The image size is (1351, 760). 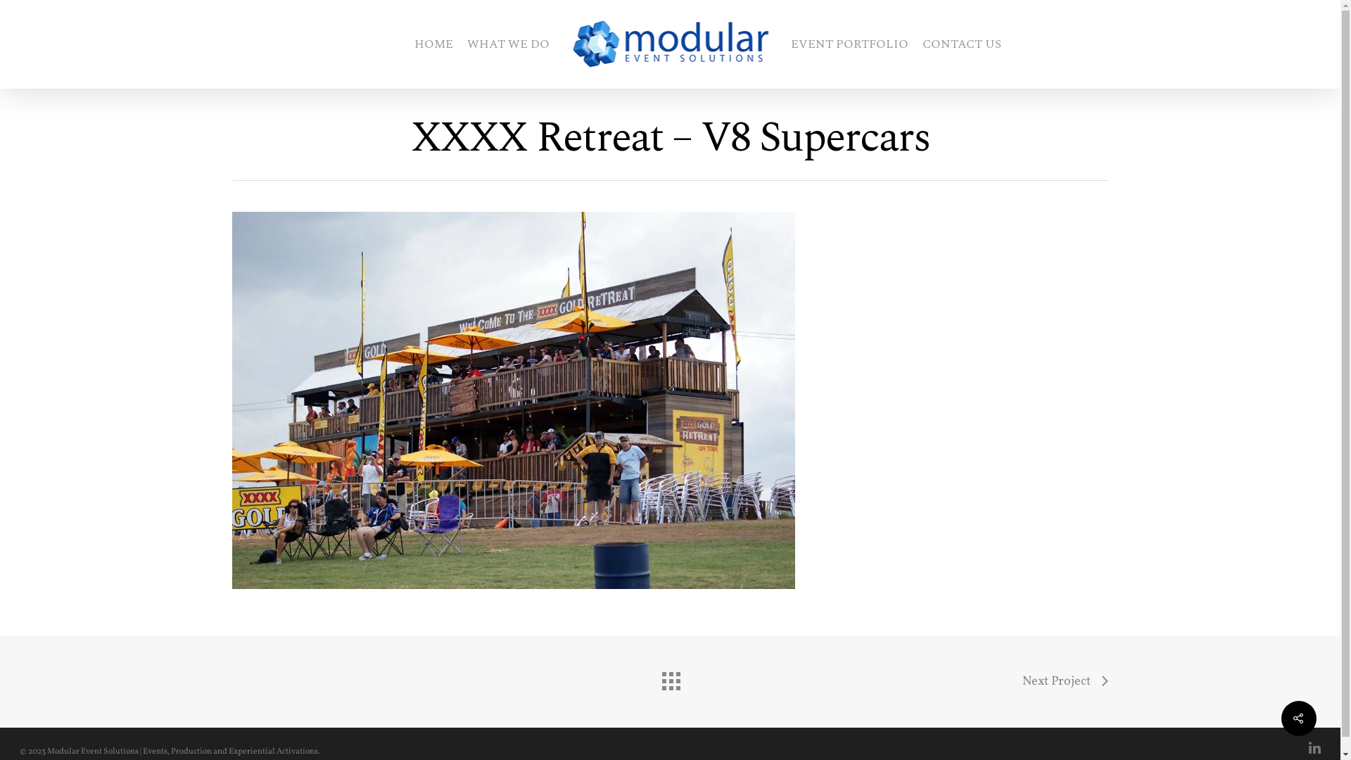 What do you see at coordinates (432, 43) in the screenshot?
I see `'HOME'` at bounding box center [432, 43].